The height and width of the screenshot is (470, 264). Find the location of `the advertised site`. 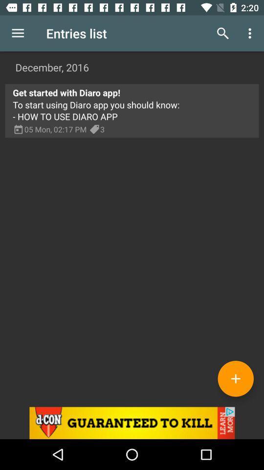

the advertised site is located at coordinates (132, 423).